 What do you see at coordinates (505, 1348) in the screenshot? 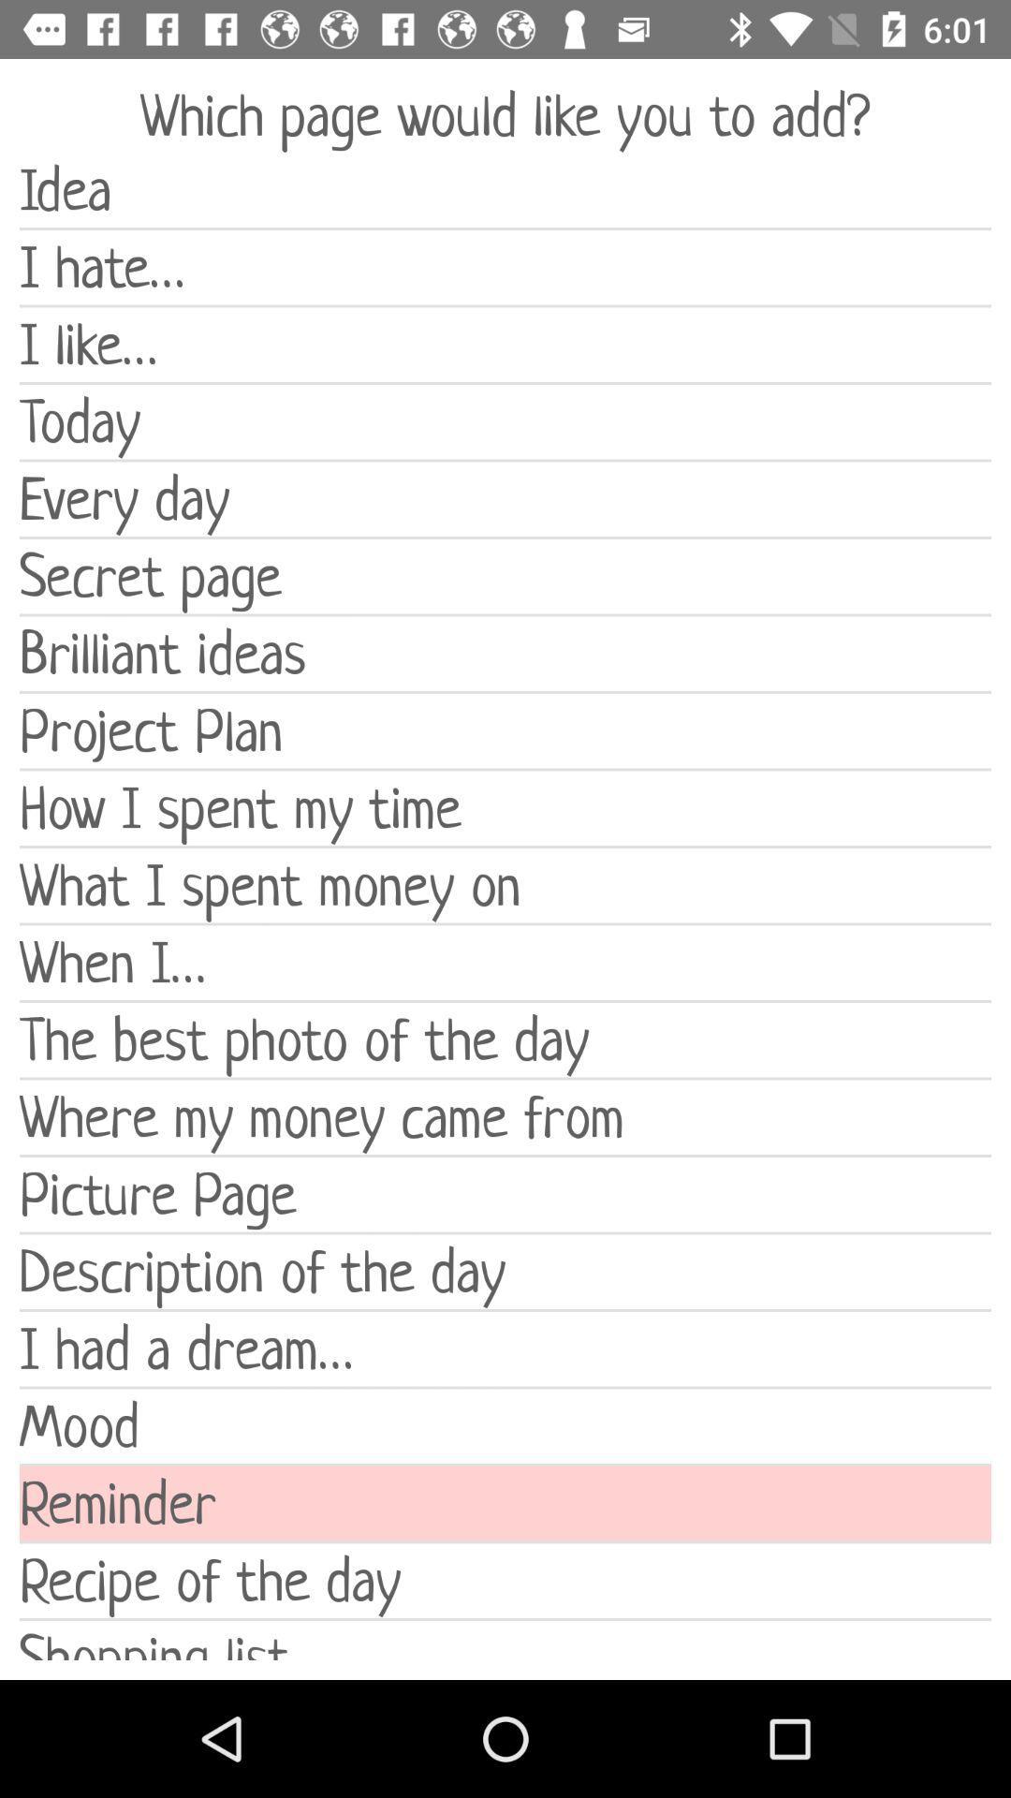
I see `i had a` at bounding box center [505, 1348].